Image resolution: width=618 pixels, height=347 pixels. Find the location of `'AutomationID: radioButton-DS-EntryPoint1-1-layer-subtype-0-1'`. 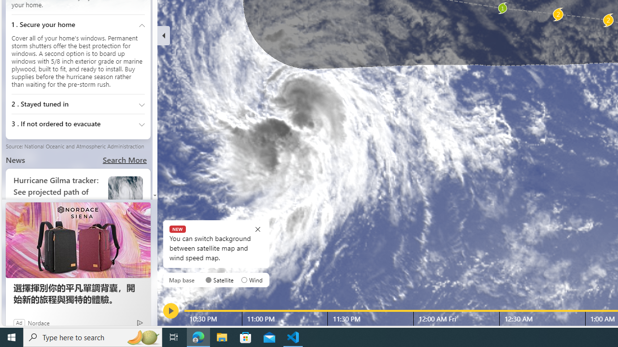

'AutomationID: radioButton-DS-EntryPoint1-1-layer-subtype-0-1' is located at coordinates (244, 280).